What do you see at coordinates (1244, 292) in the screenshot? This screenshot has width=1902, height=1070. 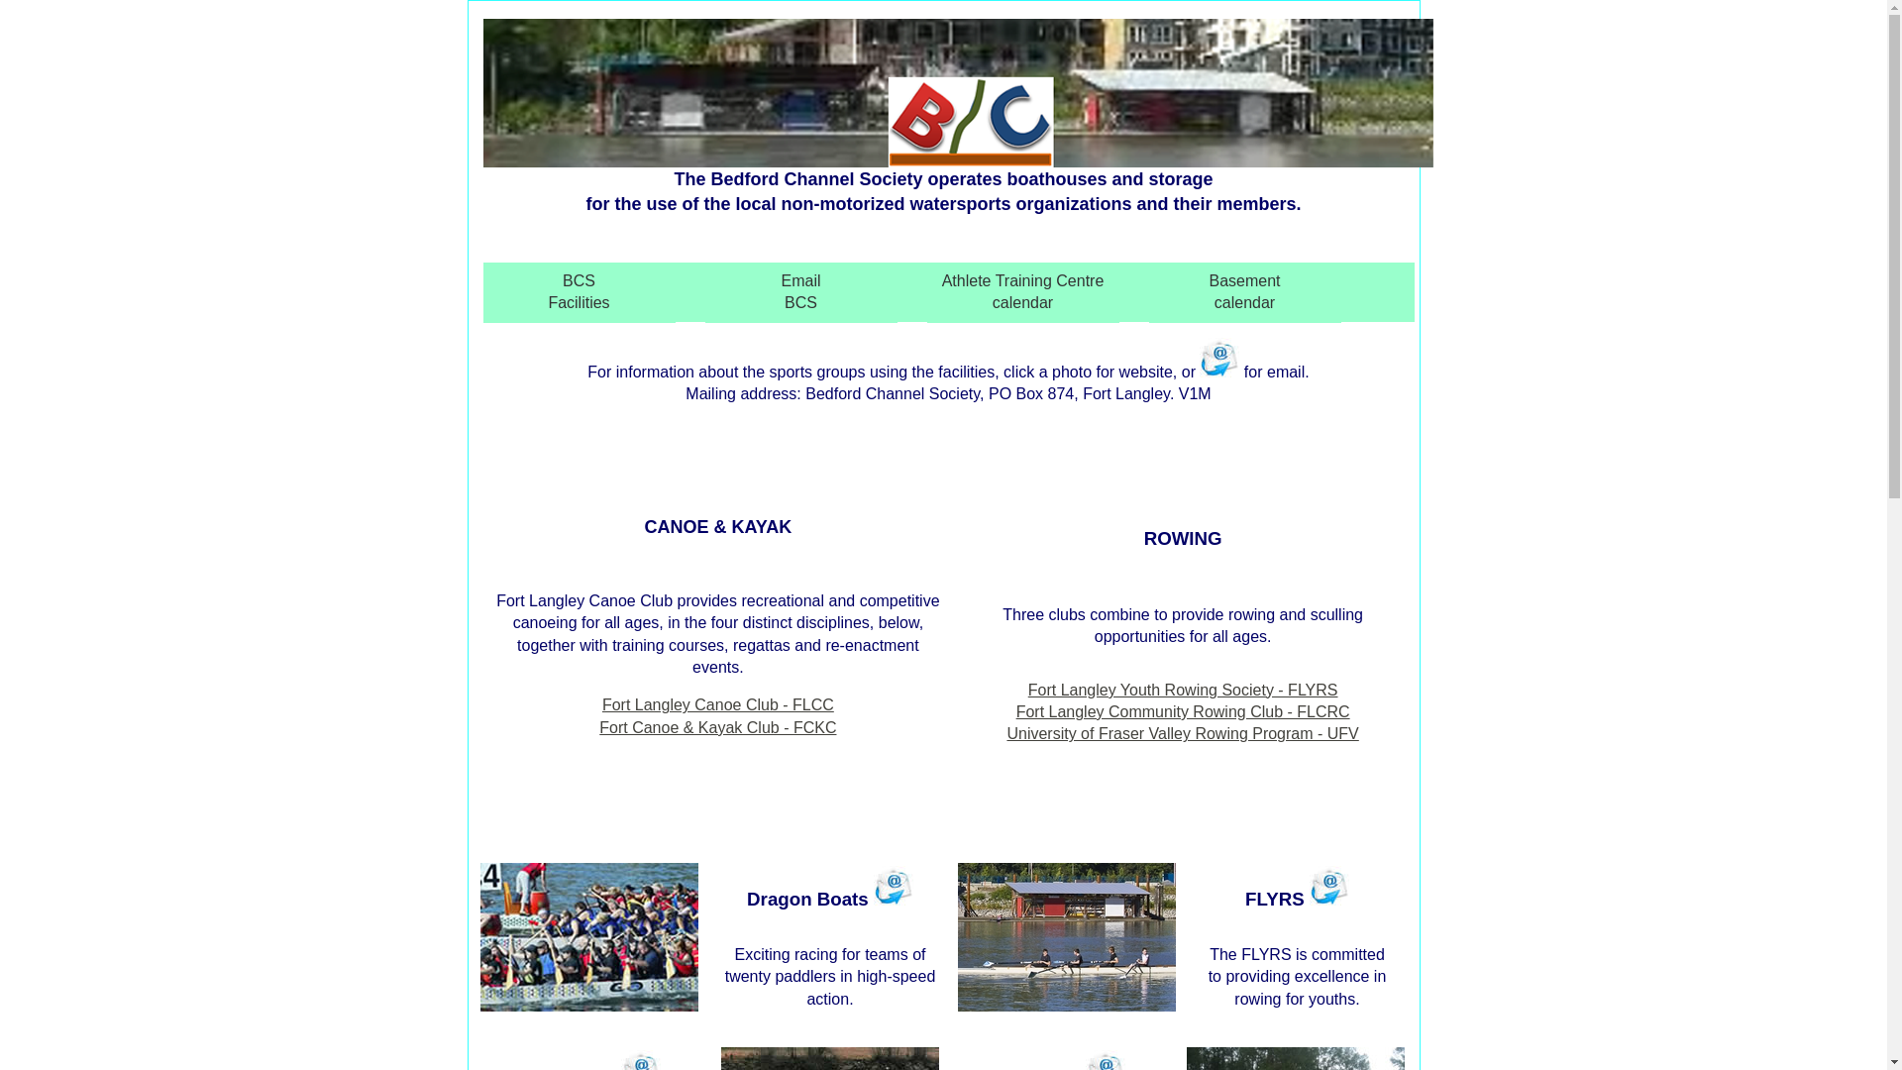 I see `'Basement` at bounding box center [1244, 292].